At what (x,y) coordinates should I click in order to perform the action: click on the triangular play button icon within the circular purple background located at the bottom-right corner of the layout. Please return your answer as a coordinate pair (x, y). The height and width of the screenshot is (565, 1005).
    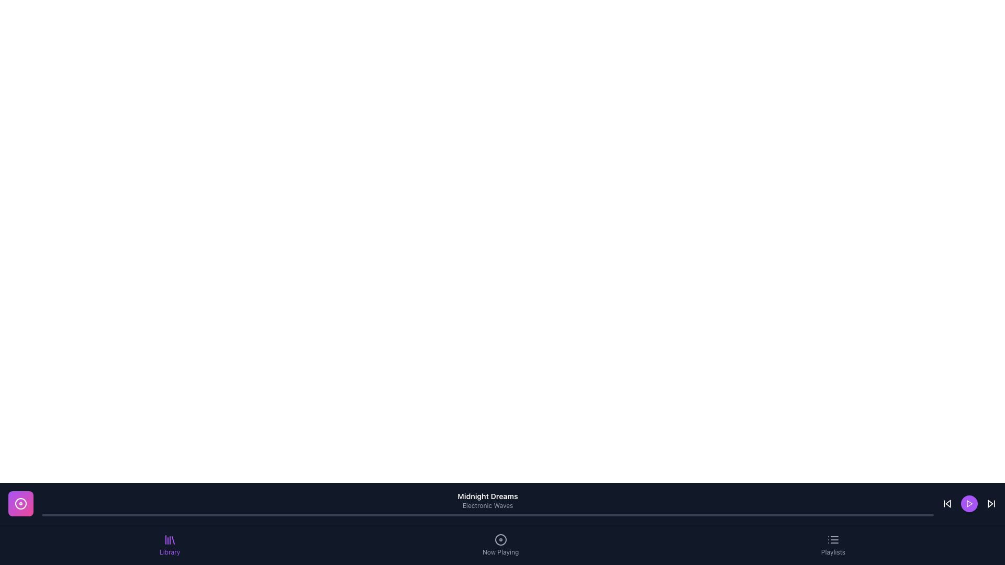
    Looking at the image, I should click on (969, 503).